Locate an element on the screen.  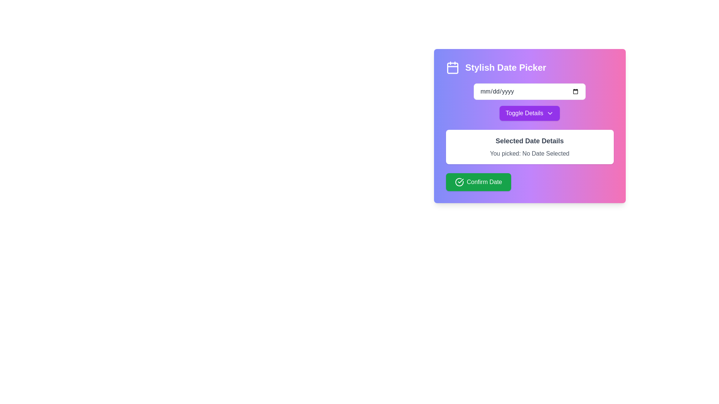
the green rectangular button labeled 'Confirm Date' located at the bottom center of the 'Stylish Date Picker' interface is located at coordinates (478, 182).